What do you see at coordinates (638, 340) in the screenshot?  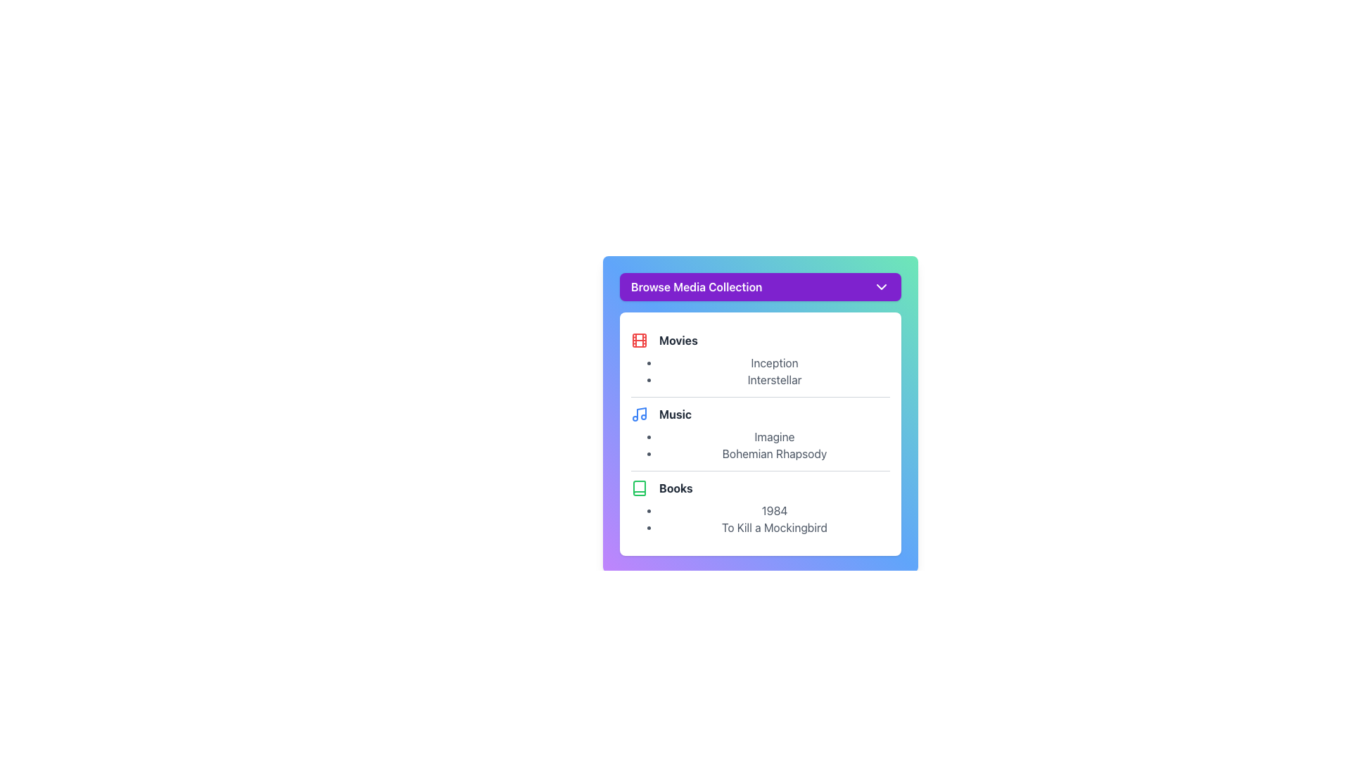 I see `the 'Movies' category icon located at the top left of the media collection browsing panel, adjacent to the text 'Movies'` at bounding box center [638, 340].